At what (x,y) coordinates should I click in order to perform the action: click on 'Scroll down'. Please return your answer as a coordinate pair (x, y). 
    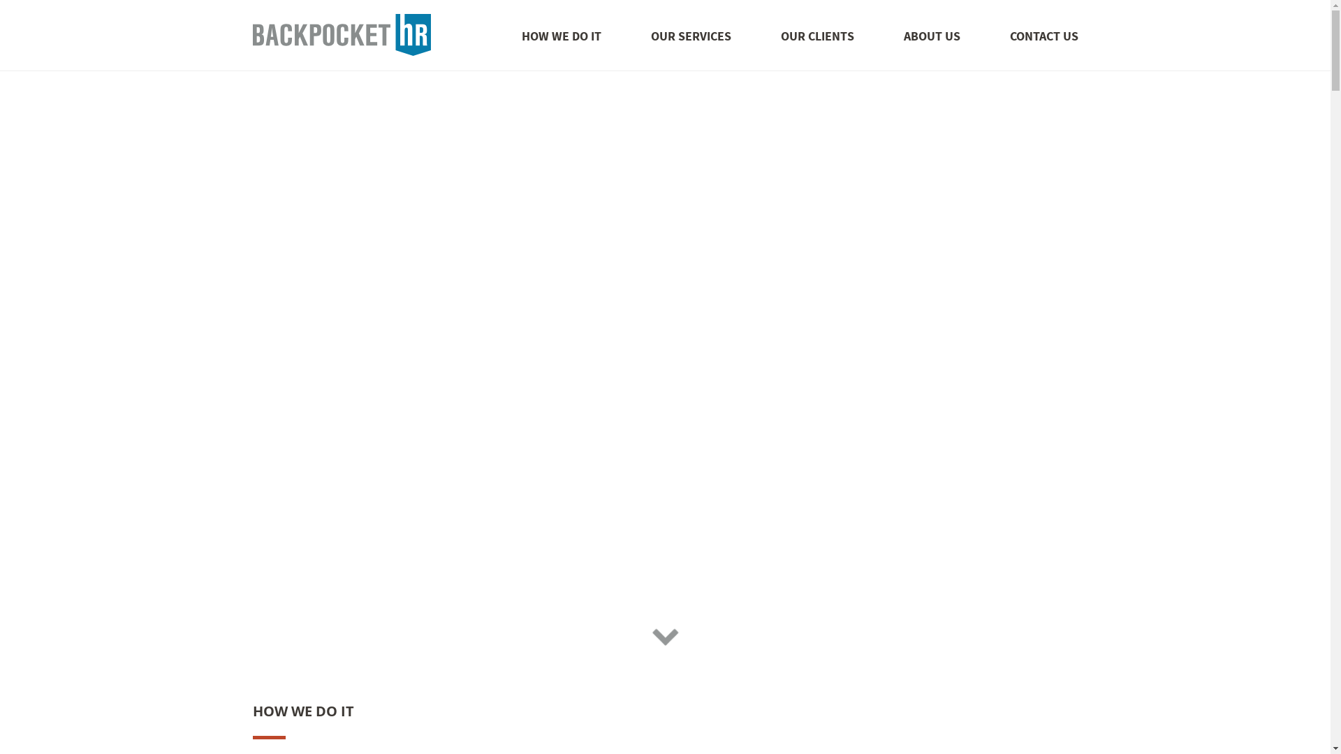
    Looking at the image, I should click on (650, 633).